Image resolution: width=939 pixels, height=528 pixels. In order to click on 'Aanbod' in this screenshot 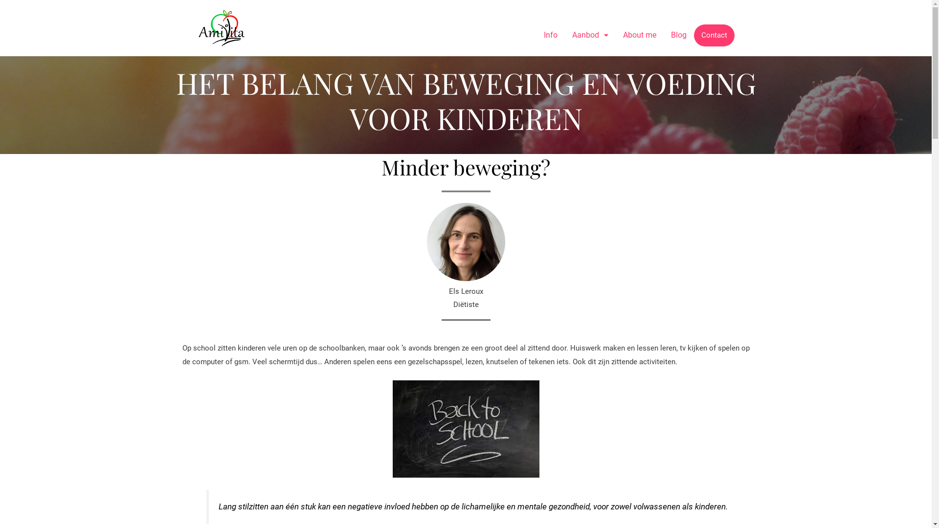, I will do `click(589, 35)`.